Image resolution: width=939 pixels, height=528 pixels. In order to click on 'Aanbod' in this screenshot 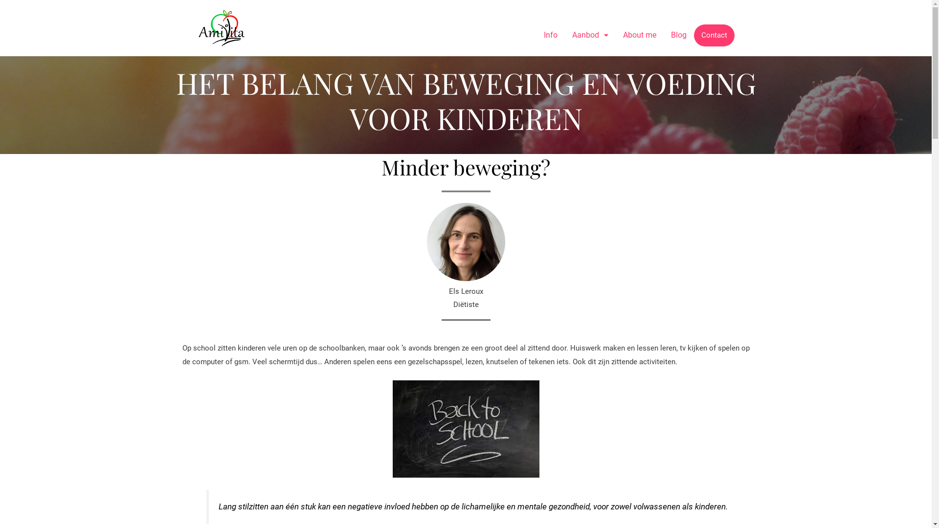, I will do `click(589, 35)`.